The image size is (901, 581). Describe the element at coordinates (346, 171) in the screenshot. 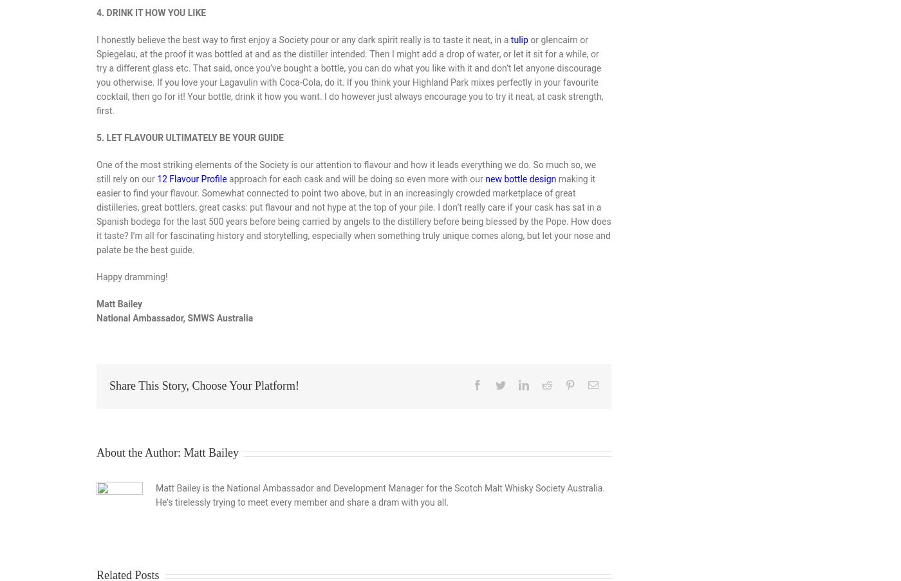

I see `'One of the most striking elements of the Society is our attention to flavour and how it leads everything we do. So much so, we still rely on our'` at that location.